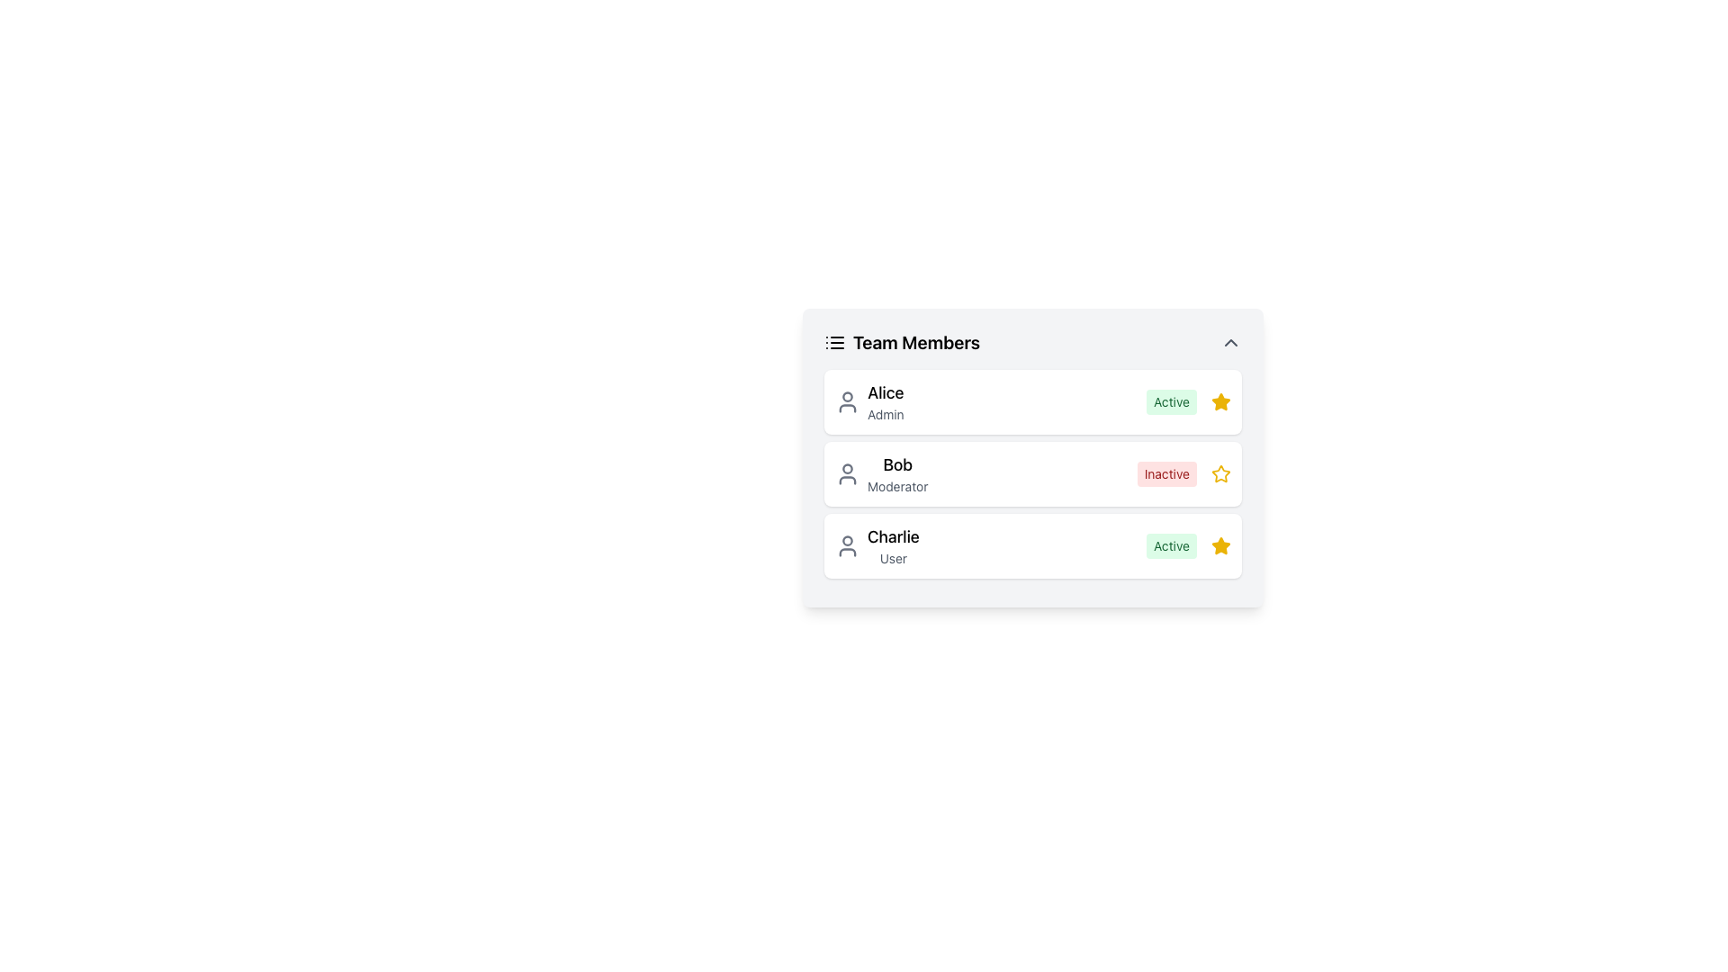 The width and height of the screenshot is (1728, 972). Describe the element at coordinates (1221, 473) in the screenshot. I see `the star icon button located to the right of the 'Inactive' label in the 'Team Members' list associated with user 'Bob'` at that location.